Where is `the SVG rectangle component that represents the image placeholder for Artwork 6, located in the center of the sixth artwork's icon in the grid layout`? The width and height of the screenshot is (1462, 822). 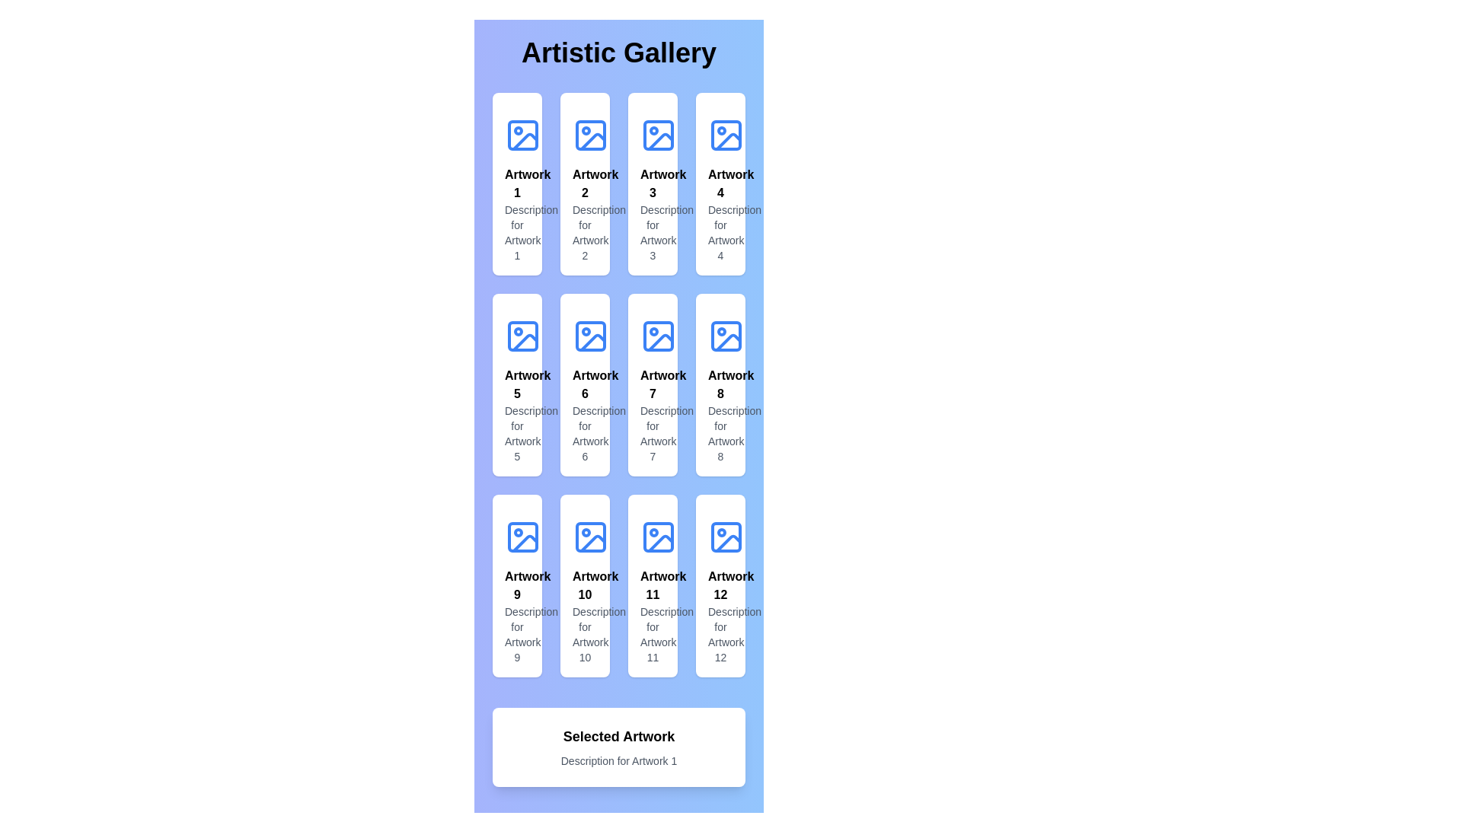
the SVG rectangle component that represents the image placeholder for Artwork 6, located in the center of the sixth artwork's icon in the grid layout is located at coordinates (590, 336).